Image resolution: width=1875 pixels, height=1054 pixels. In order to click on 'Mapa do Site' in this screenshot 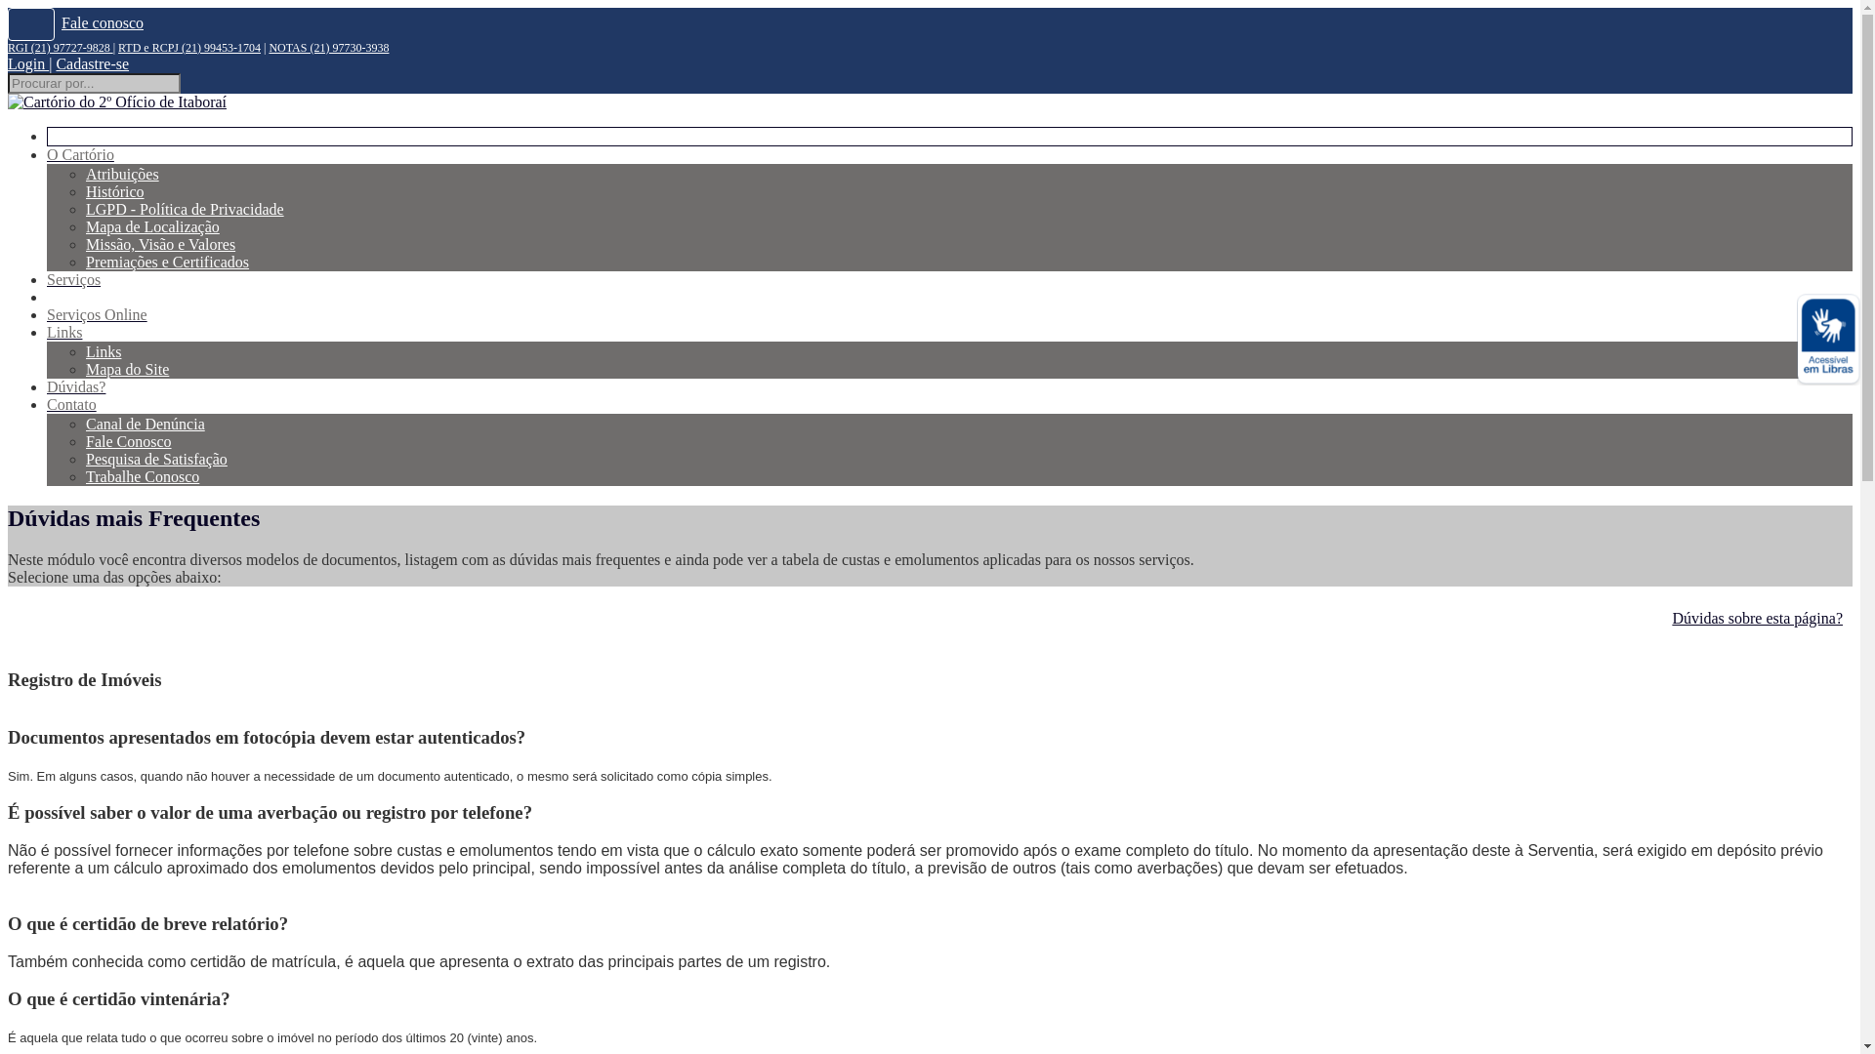, I will do `click(126, 369)`.